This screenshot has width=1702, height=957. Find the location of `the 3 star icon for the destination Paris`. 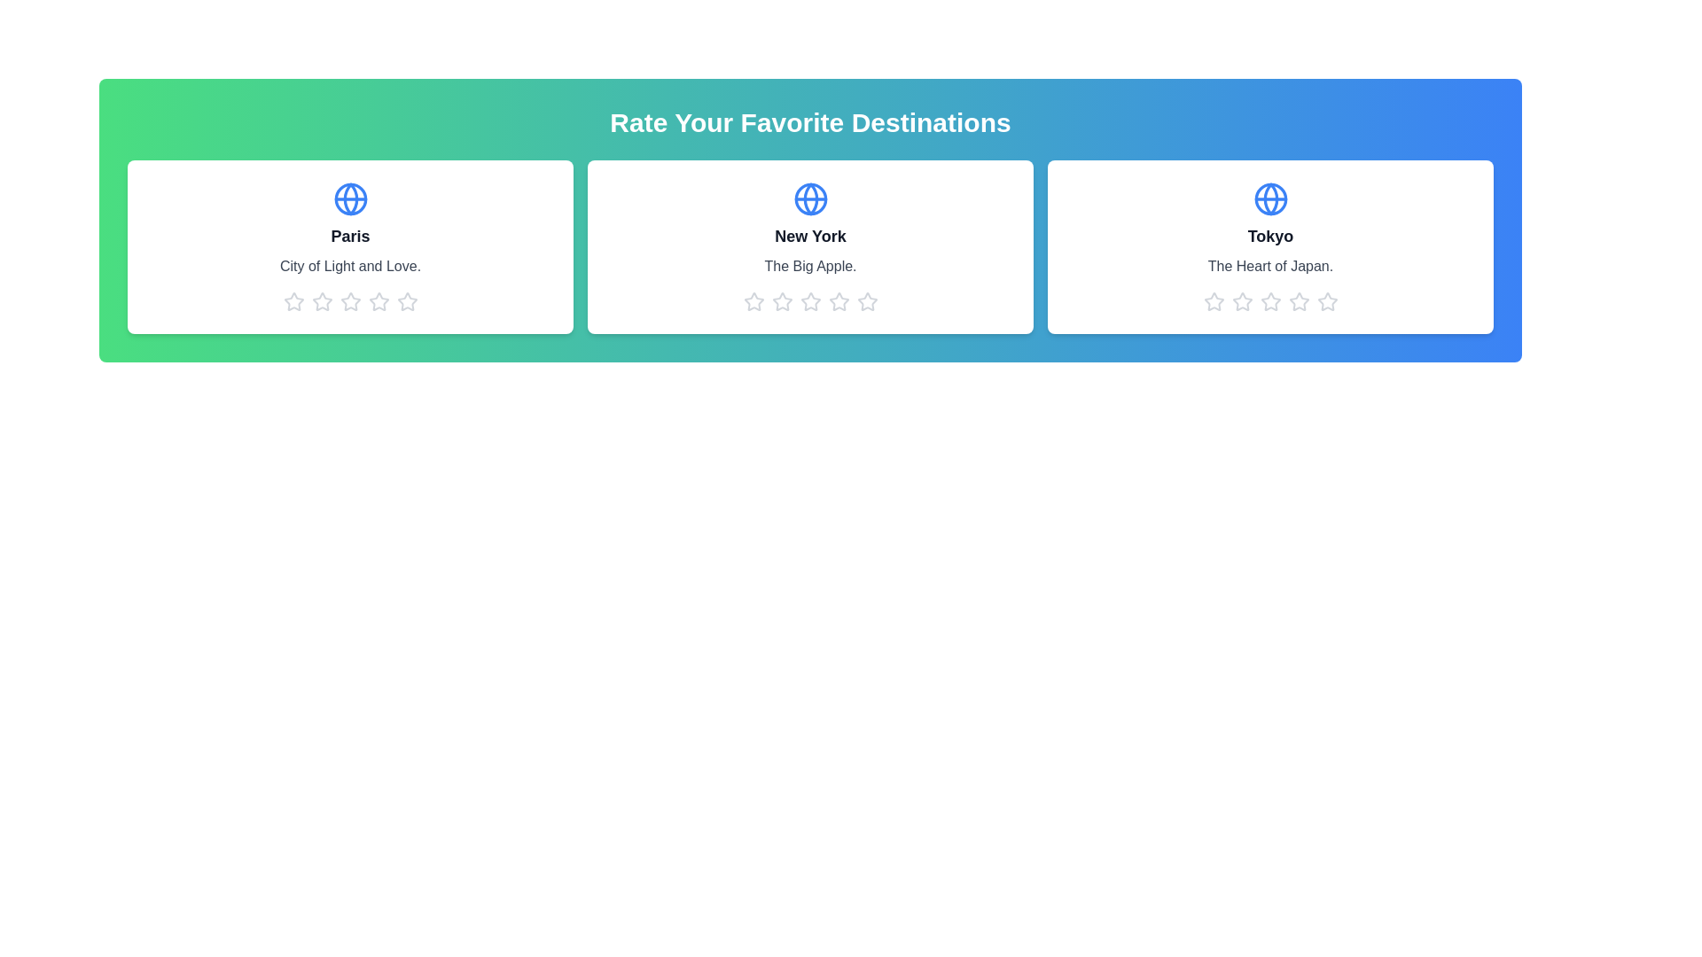

the 3 star icon for the destination Paris is located at coordinates (350, 300).